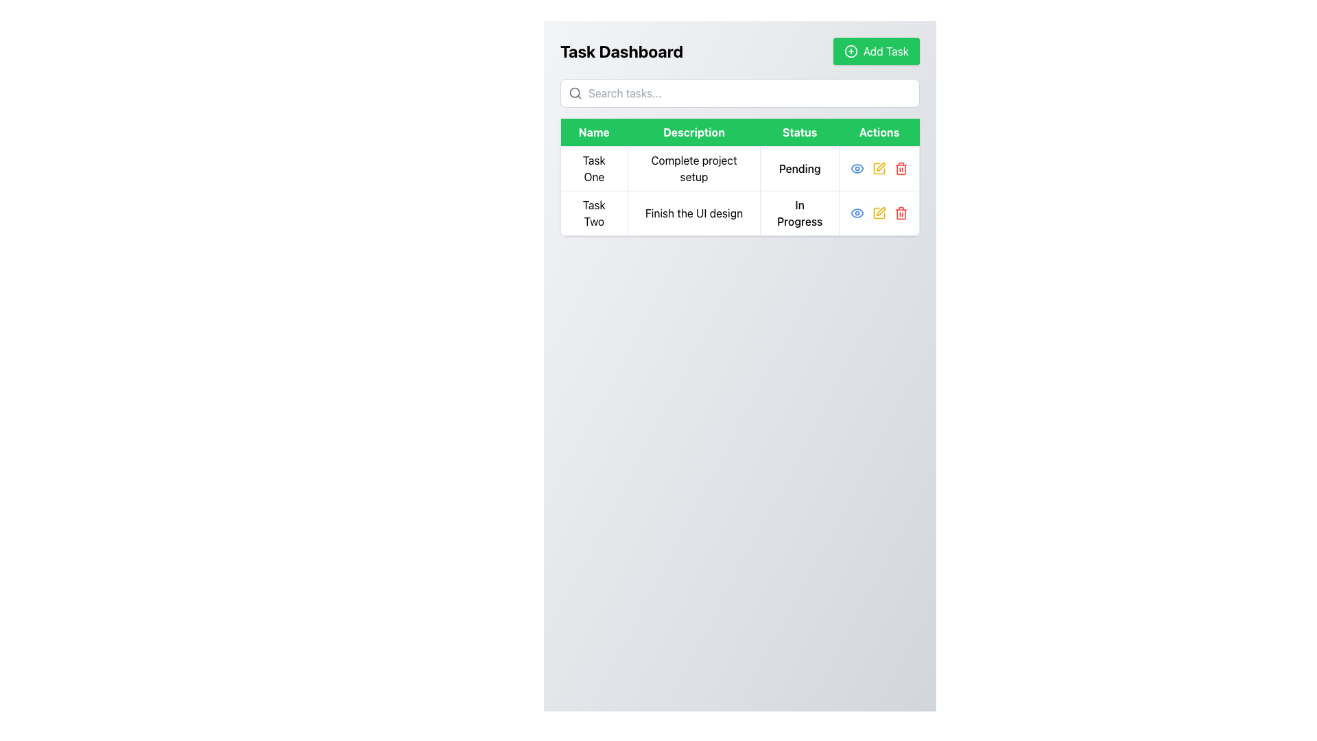 This screenshot has height=741, width=1317. What do you see at coordinates (879, 168) in the screenshot?
I see `the edit button in the 'Actions' column of the table corresponding to the second task row labeled 'Finish the UI design'` at bounding box center [879, 168].